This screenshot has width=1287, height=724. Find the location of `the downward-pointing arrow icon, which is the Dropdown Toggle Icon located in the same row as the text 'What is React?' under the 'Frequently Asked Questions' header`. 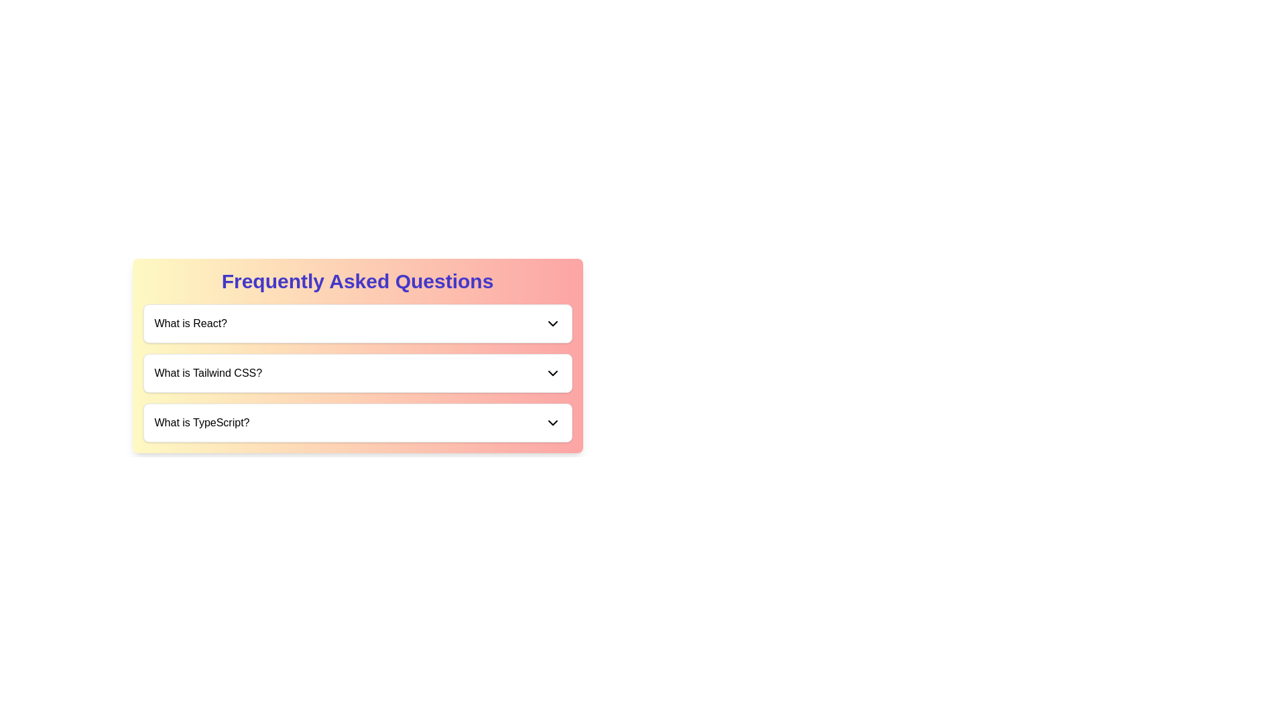

the downward-pointing arrow icon, which is the Dropdown Toggle Icon located in the same row as the text 'What is React?' under the 'Frequently Asked Questions' header is located at coordinates (552, 323).